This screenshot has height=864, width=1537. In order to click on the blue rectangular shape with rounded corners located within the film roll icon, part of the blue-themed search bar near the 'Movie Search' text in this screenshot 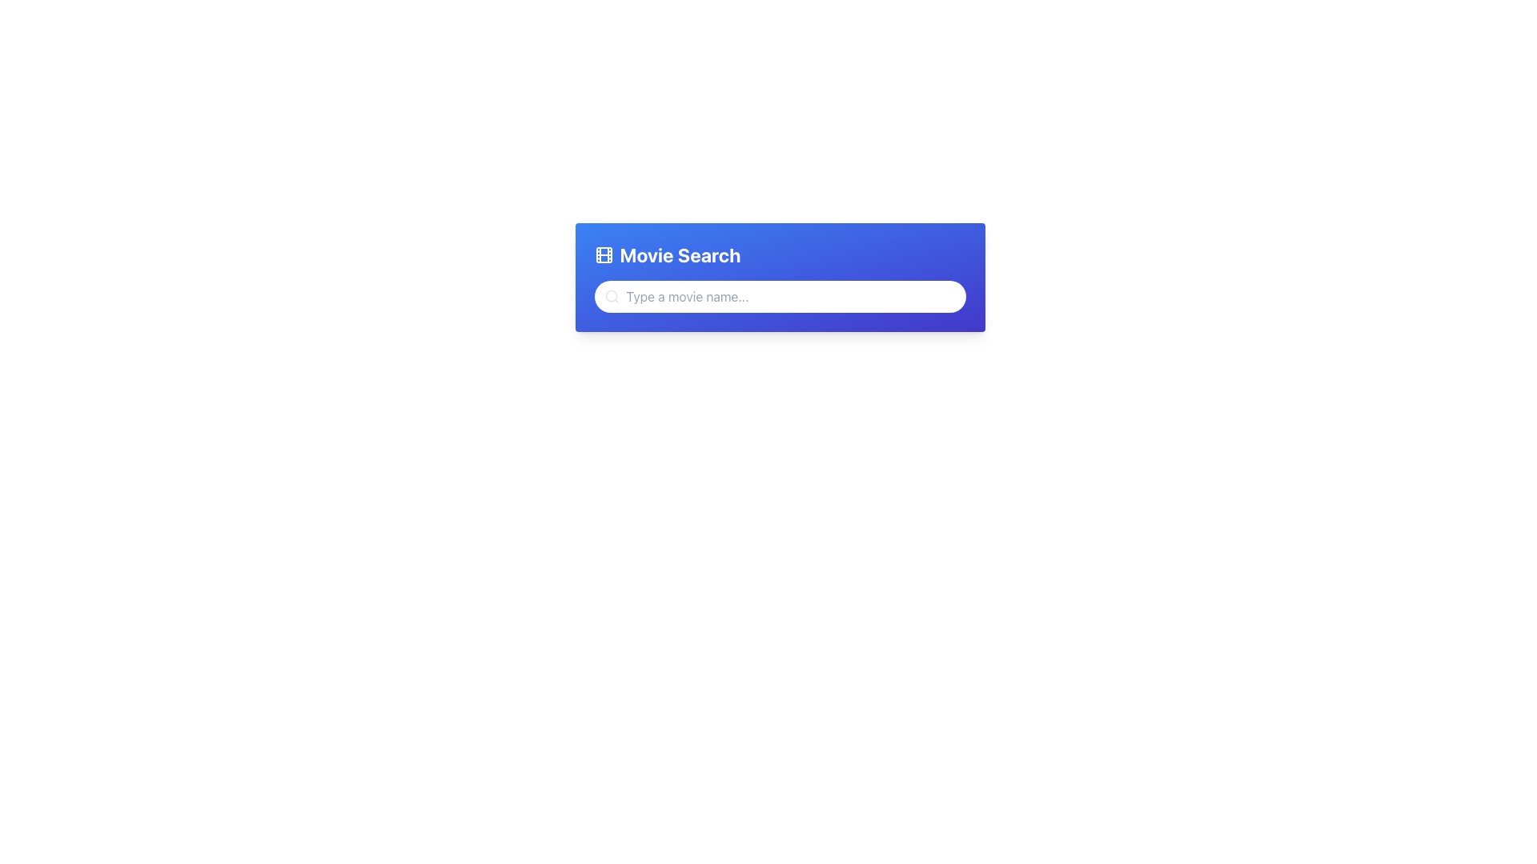, I will do `click(603, 254)`.